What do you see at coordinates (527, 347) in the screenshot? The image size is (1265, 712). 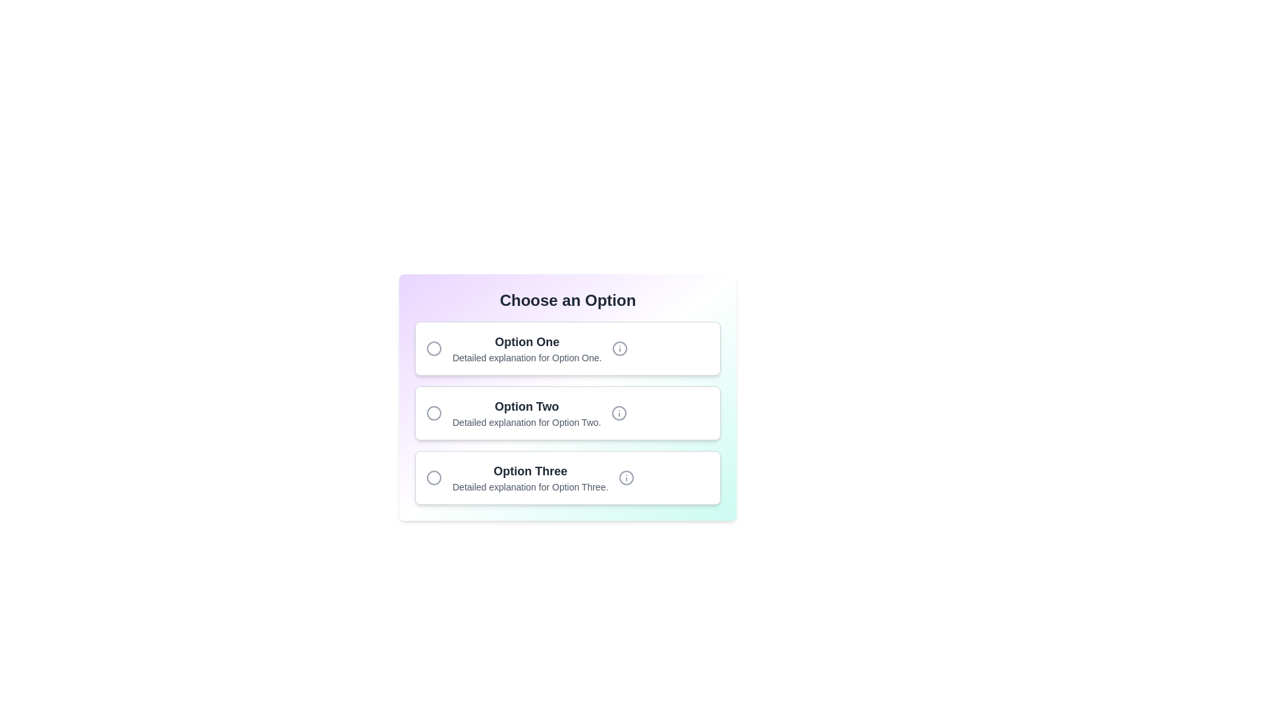 I see `the Option label for the first selectable option in the vertically stacked list` at bounding box center [527, 347].